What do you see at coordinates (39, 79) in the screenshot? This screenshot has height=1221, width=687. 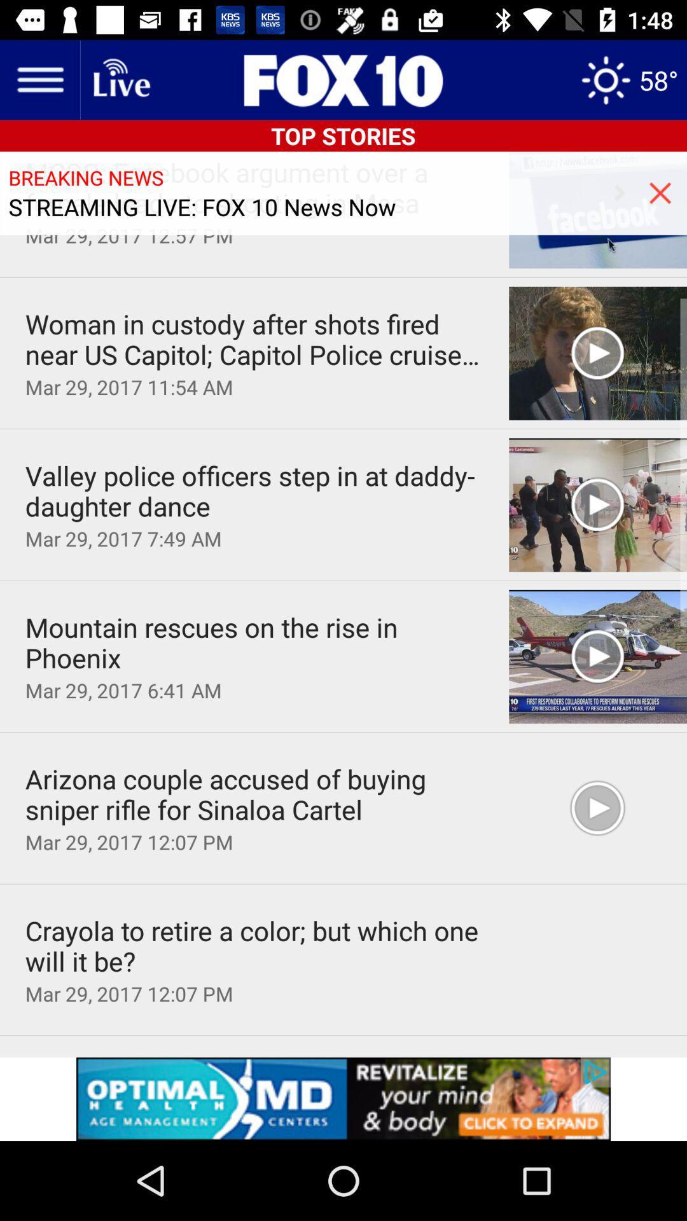 I see `the menu icon` at bounding box center [39, 79].